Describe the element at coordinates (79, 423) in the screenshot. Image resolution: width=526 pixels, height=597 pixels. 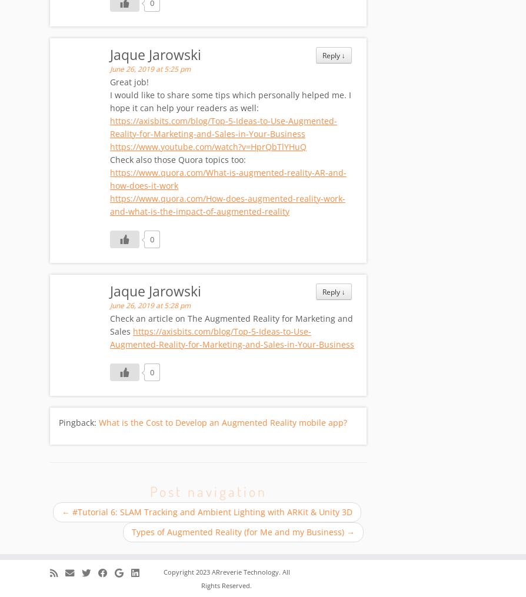
I see `'Pingback:'` at that location.